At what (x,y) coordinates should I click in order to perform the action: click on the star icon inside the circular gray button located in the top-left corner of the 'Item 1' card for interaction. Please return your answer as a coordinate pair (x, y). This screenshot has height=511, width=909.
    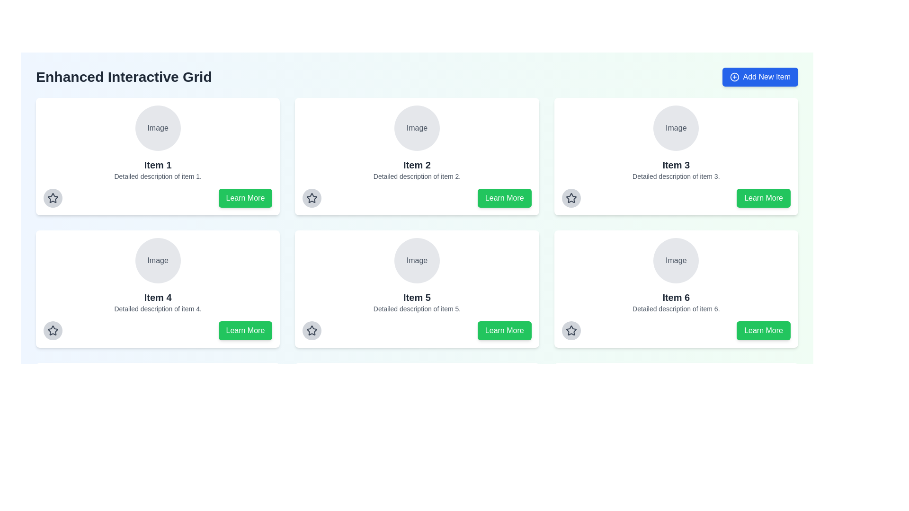
    Looking at the image, I should click on (52, 198).